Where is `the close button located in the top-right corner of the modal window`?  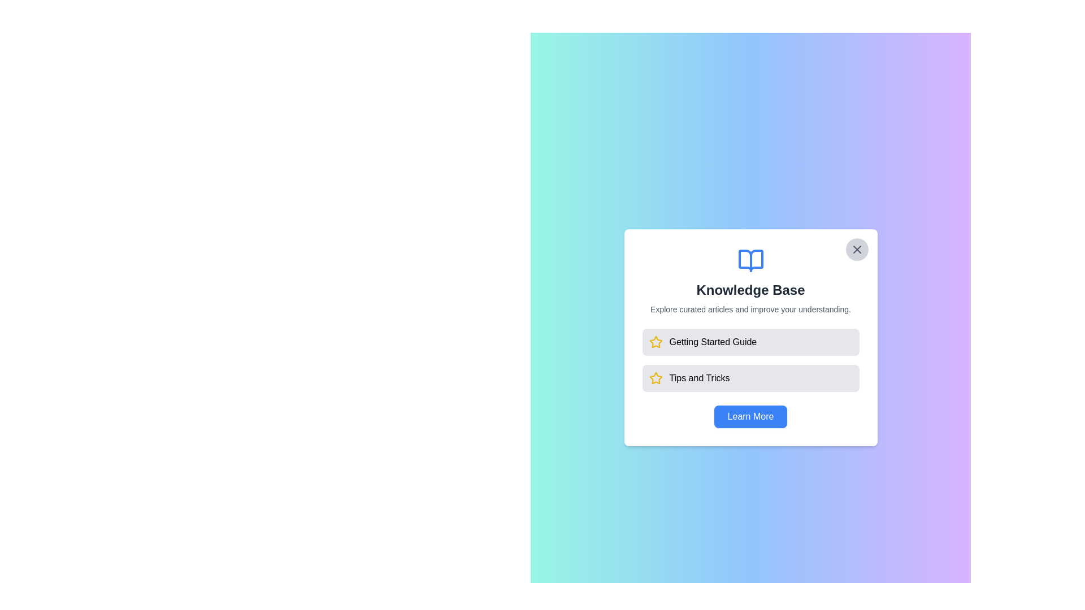
the close button located in the top-right corner of the modal window is located at coordinates (857, 249).